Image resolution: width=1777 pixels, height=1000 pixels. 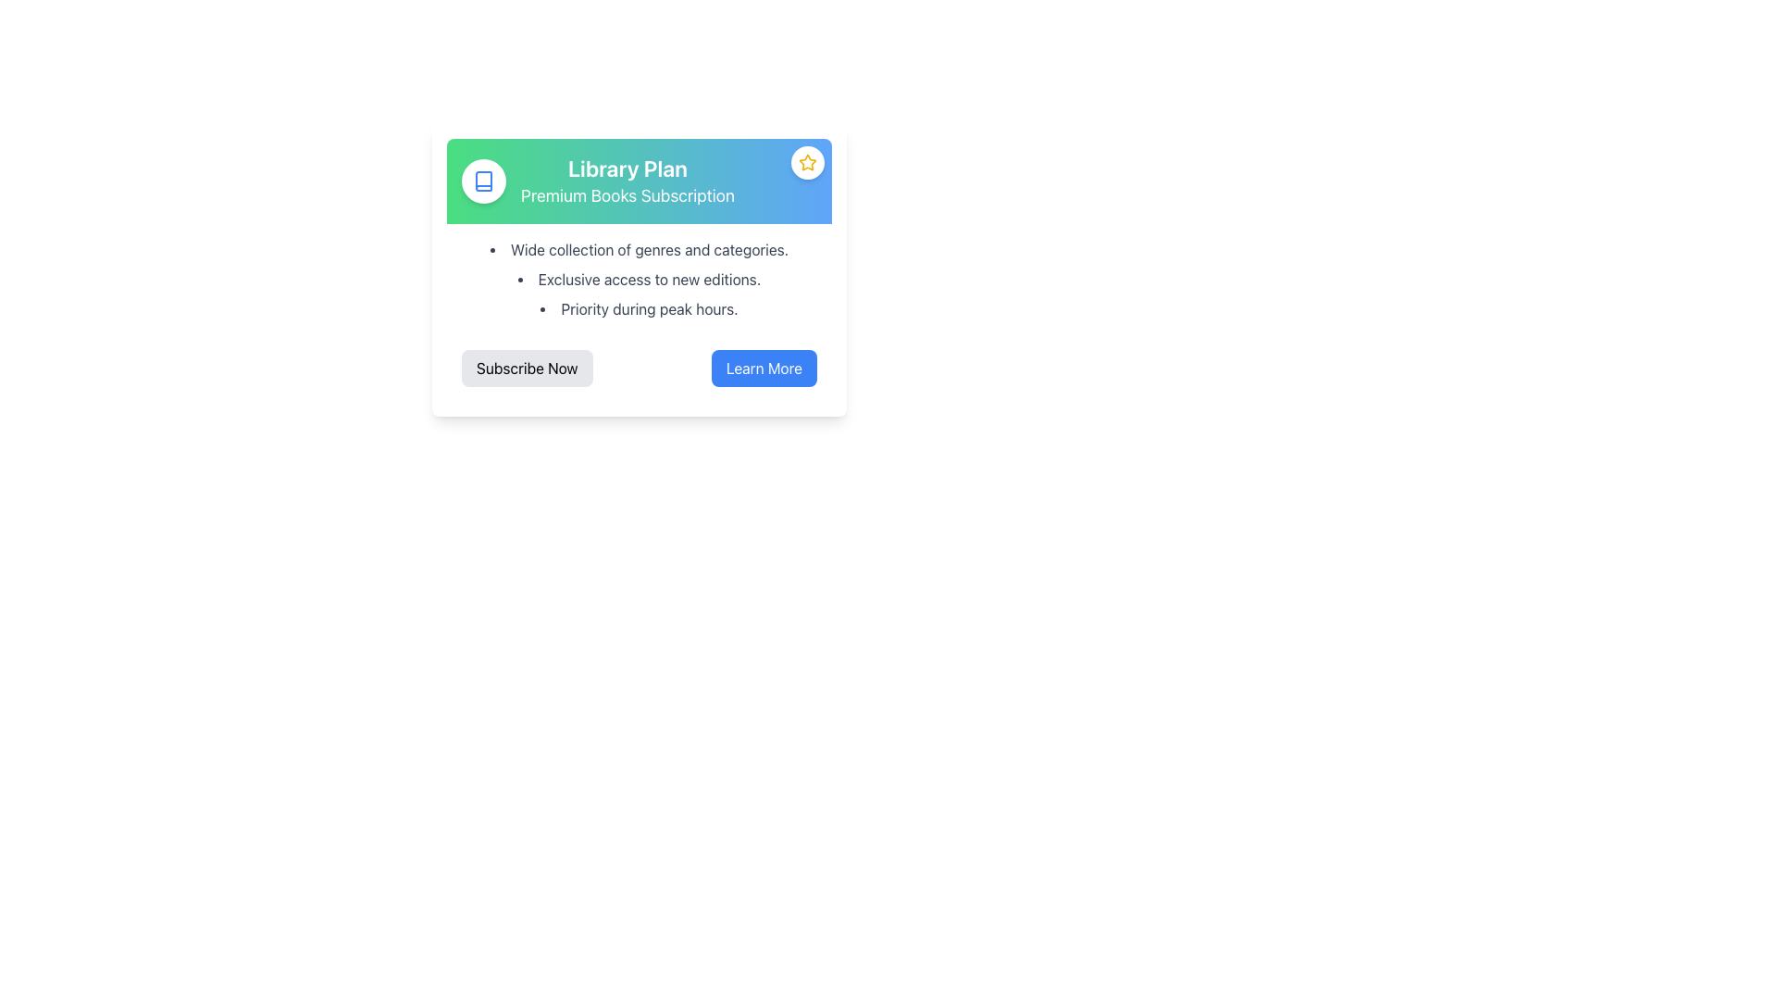 I want to click on the third bullet point in the subscription plan features list, located between 'Exclusive access to new editions.' and the button section, so click(x=640, y=308).